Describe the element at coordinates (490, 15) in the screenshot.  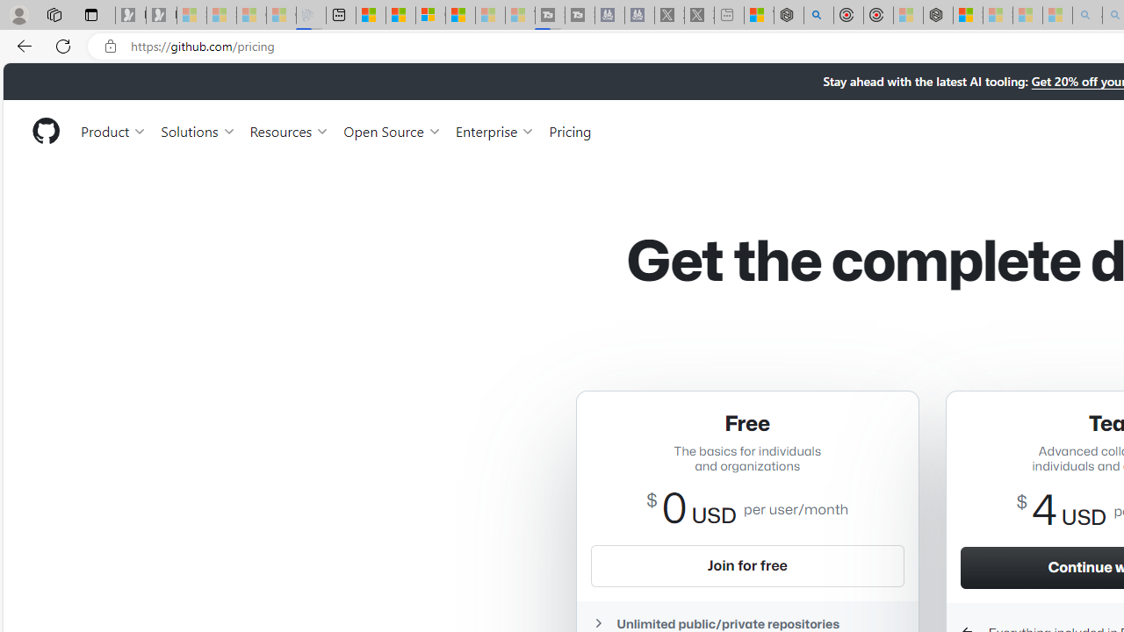
I see `'Microsoft Start - Sleeping'` at that location.